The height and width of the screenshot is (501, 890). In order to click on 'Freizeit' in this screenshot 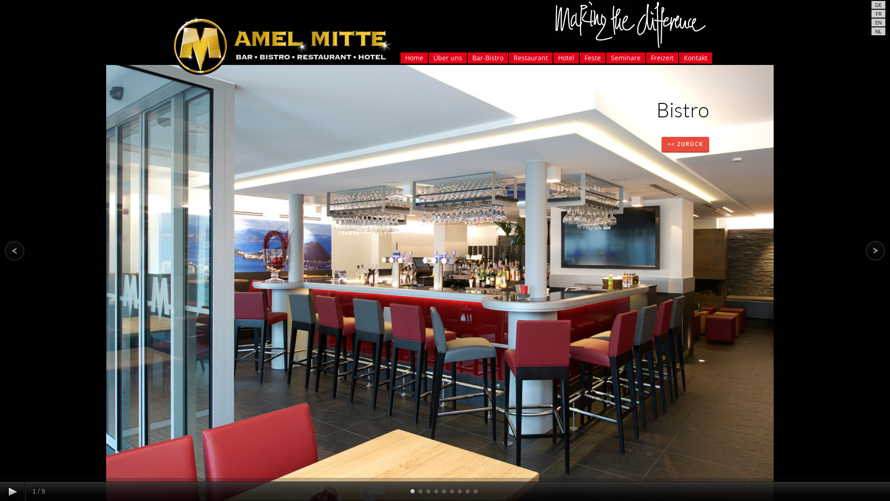, I will do `click(661, 58)`.